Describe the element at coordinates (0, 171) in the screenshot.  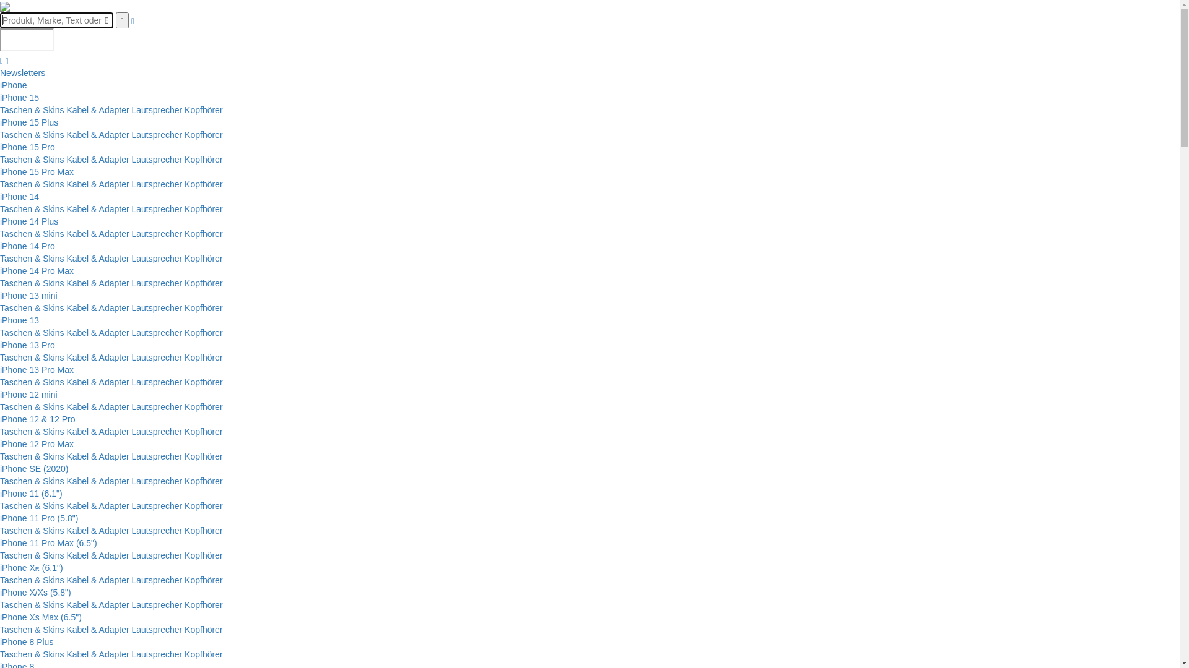
I see `'iPhone 15 Pro Max'` at that location.